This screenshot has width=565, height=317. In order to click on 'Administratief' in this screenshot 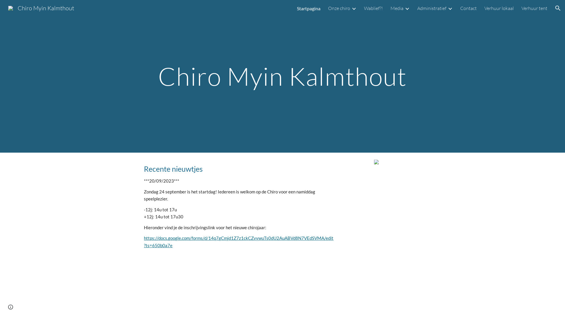, I will do `click(417, 8)`.